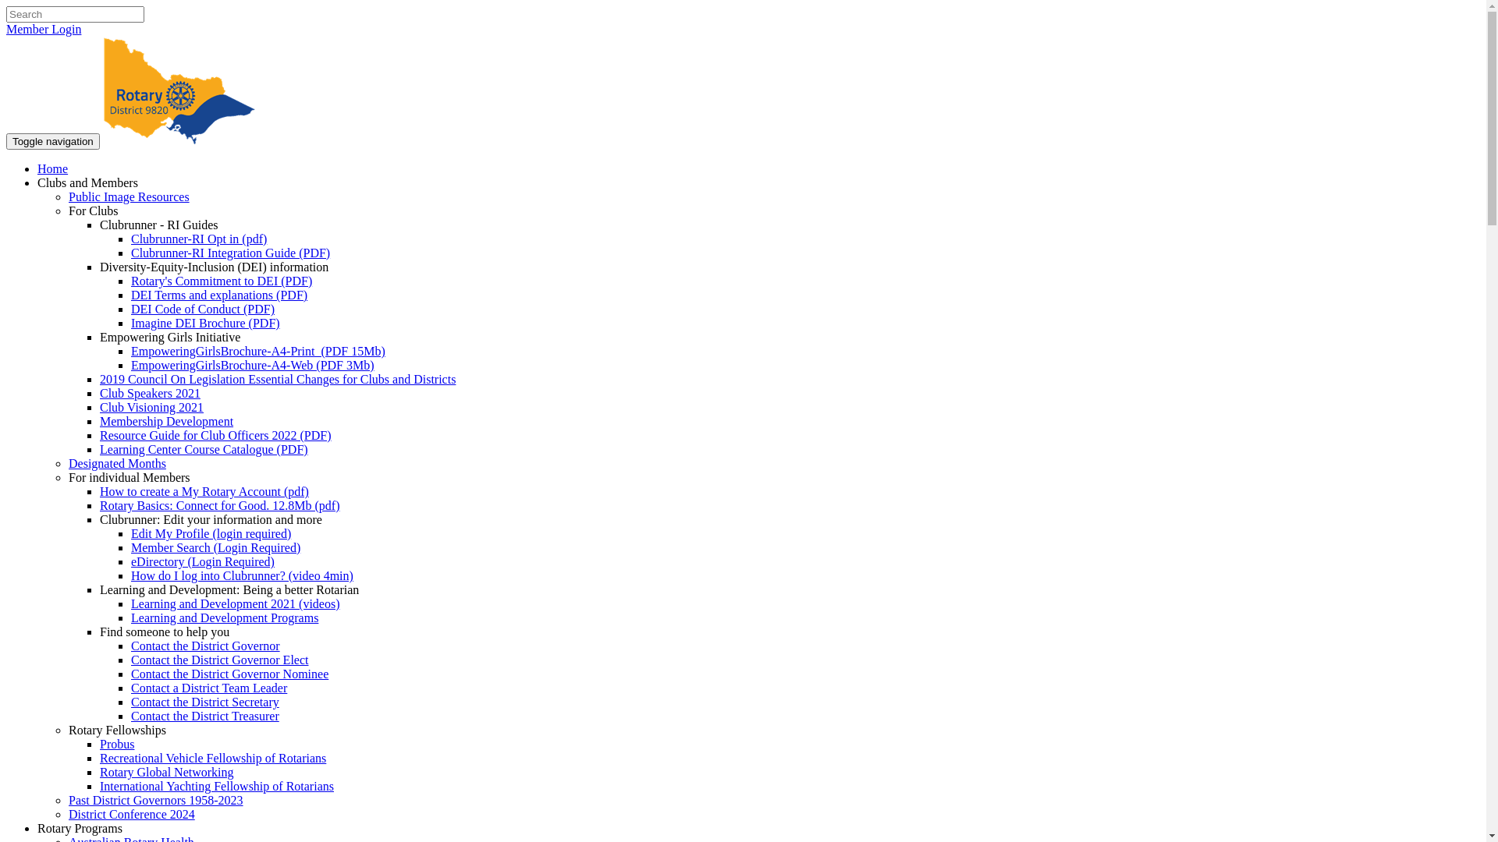 The width and height of the screenshot is (1498, 842). I want to click on 'Edit My Profile (login required)', so click(131, 532).